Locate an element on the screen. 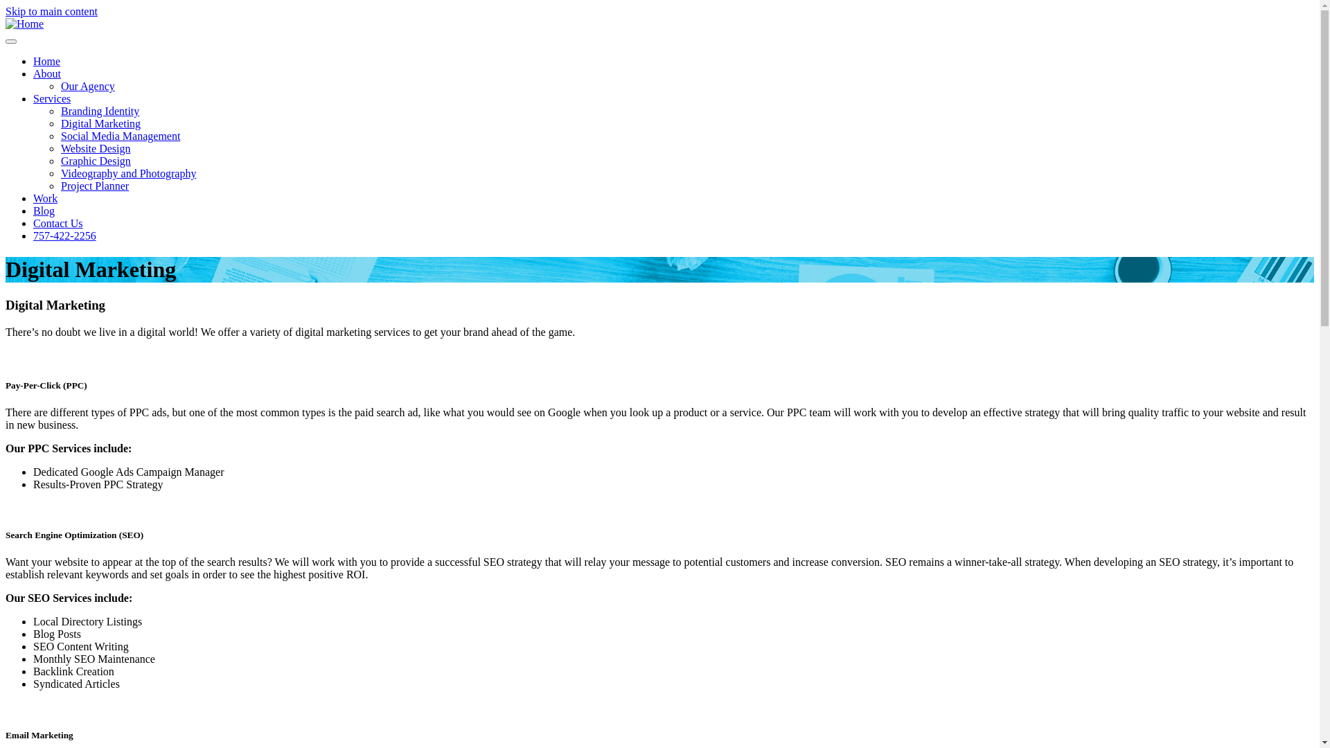  'Social Media Management' is located at coordinates (120, 136).